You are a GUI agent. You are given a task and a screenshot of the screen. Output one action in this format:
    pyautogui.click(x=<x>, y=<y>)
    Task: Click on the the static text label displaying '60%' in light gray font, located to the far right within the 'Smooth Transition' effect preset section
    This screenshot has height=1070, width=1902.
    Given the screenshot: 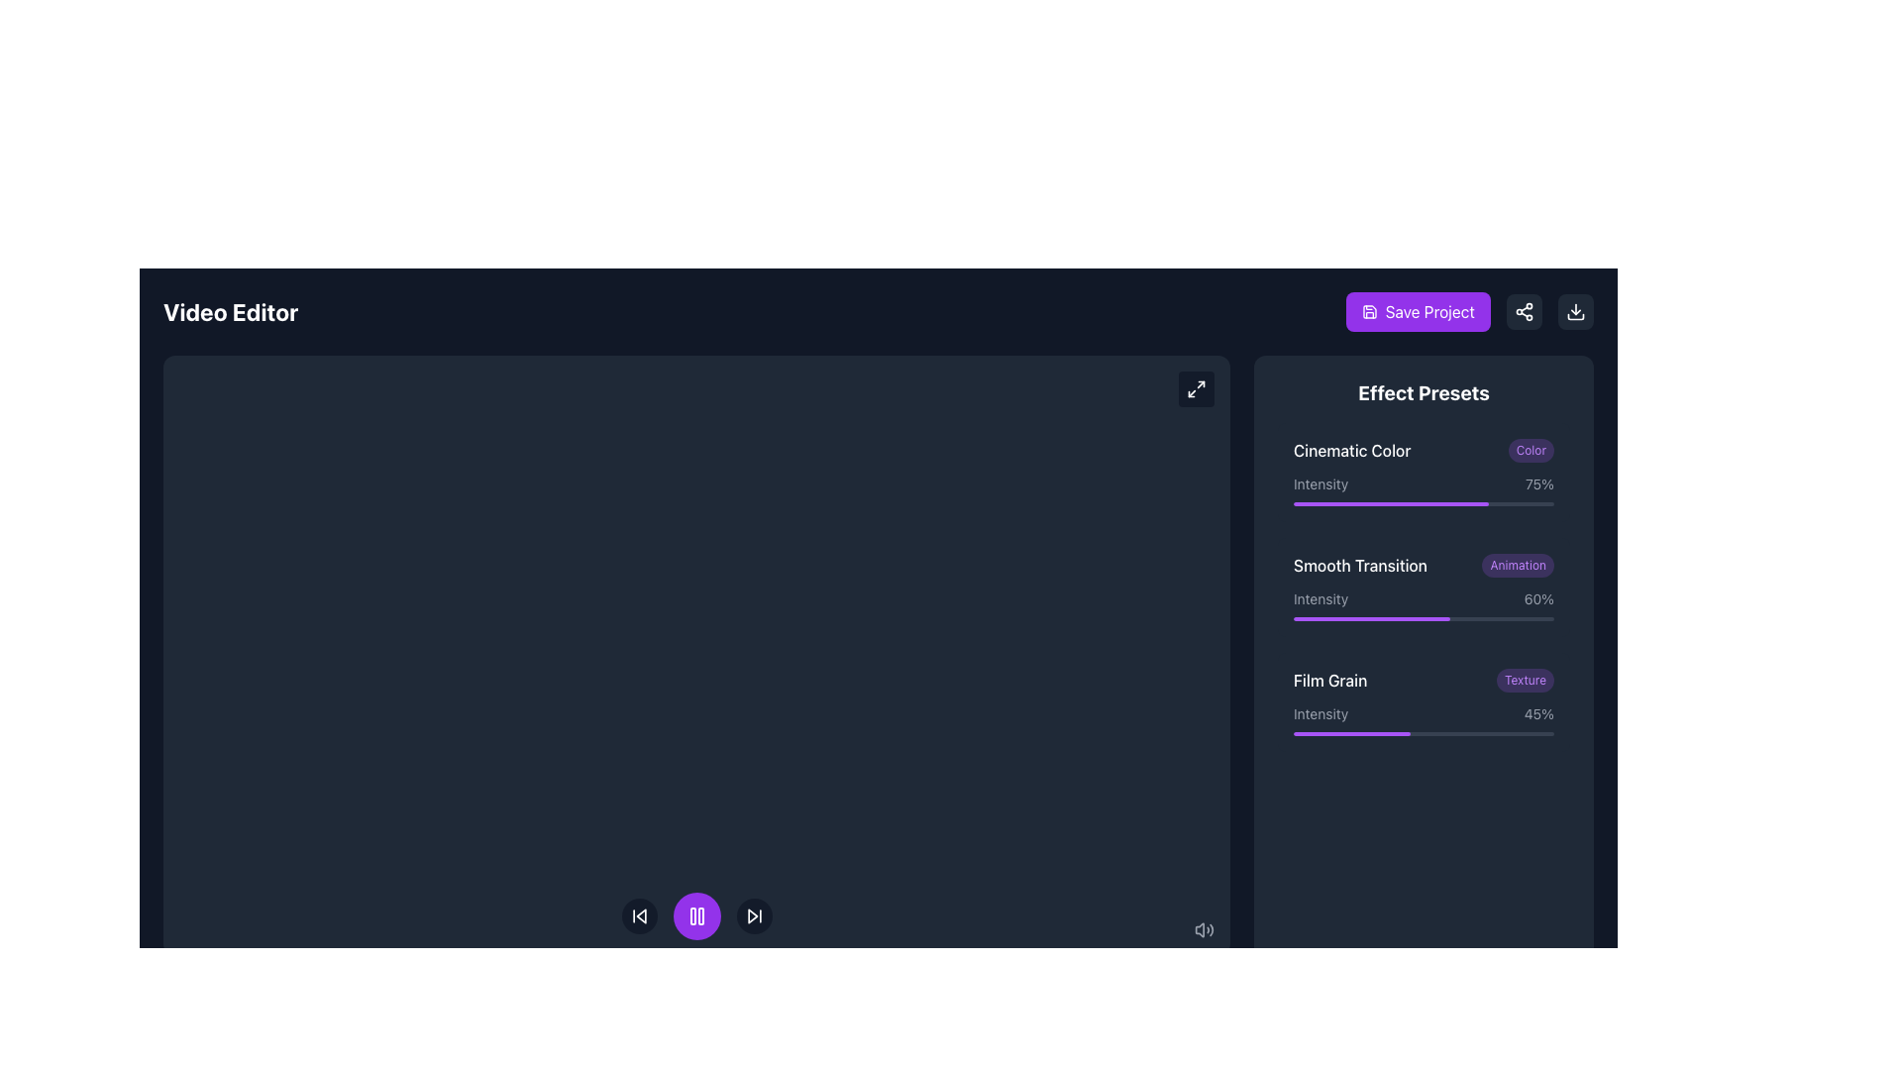 What is the action you would take?
    pyautogui.click(x=1537, y=598)
    